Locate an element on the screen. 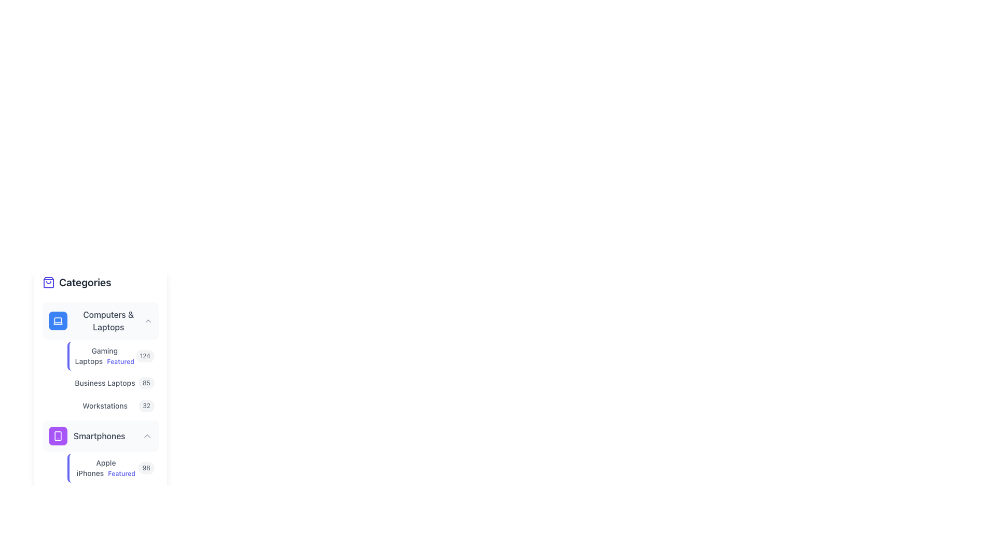 Image resolution: width=996 pixels, height=560 pixels. the nested list item for "Apple iPhones" is located at coordinates (100, 474).